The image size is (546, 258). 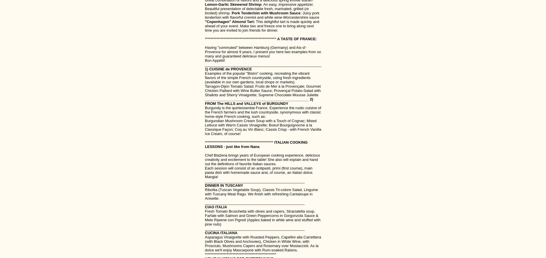 What do you see at coordinates (263, 62) in the screenshot?
I see `'Bon Appétit!
________________________________________________________'` at bounding box center [263, 62].